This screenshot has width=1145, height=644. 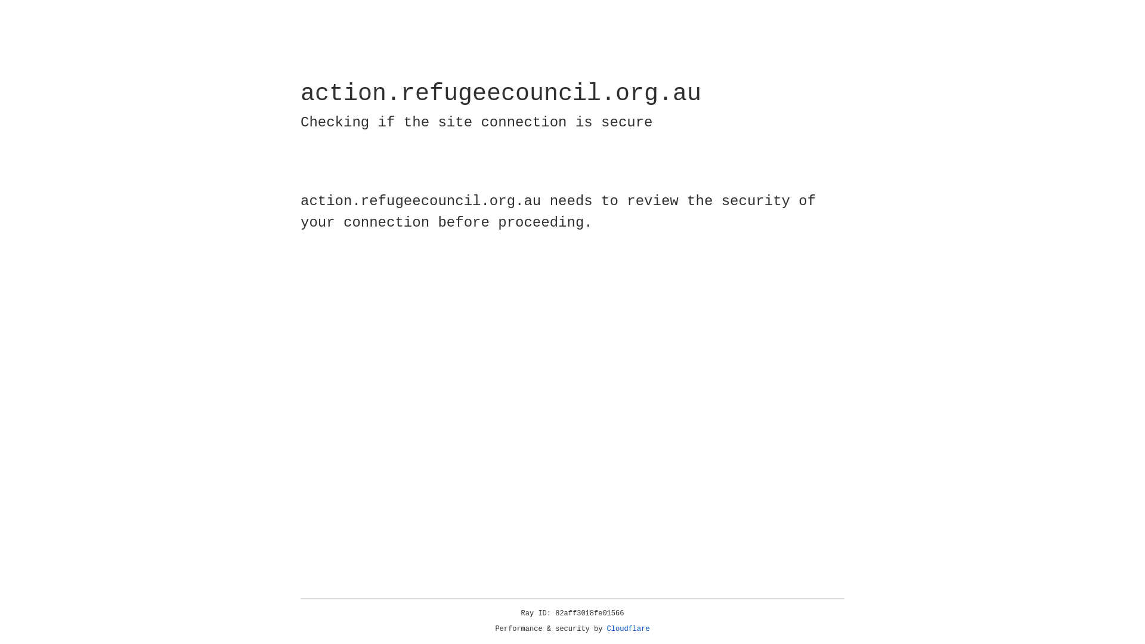 What do you see at coordinates (628, 628) in the screenshot?
I see `'Cloudflare'` at bounding box center [628, 628].